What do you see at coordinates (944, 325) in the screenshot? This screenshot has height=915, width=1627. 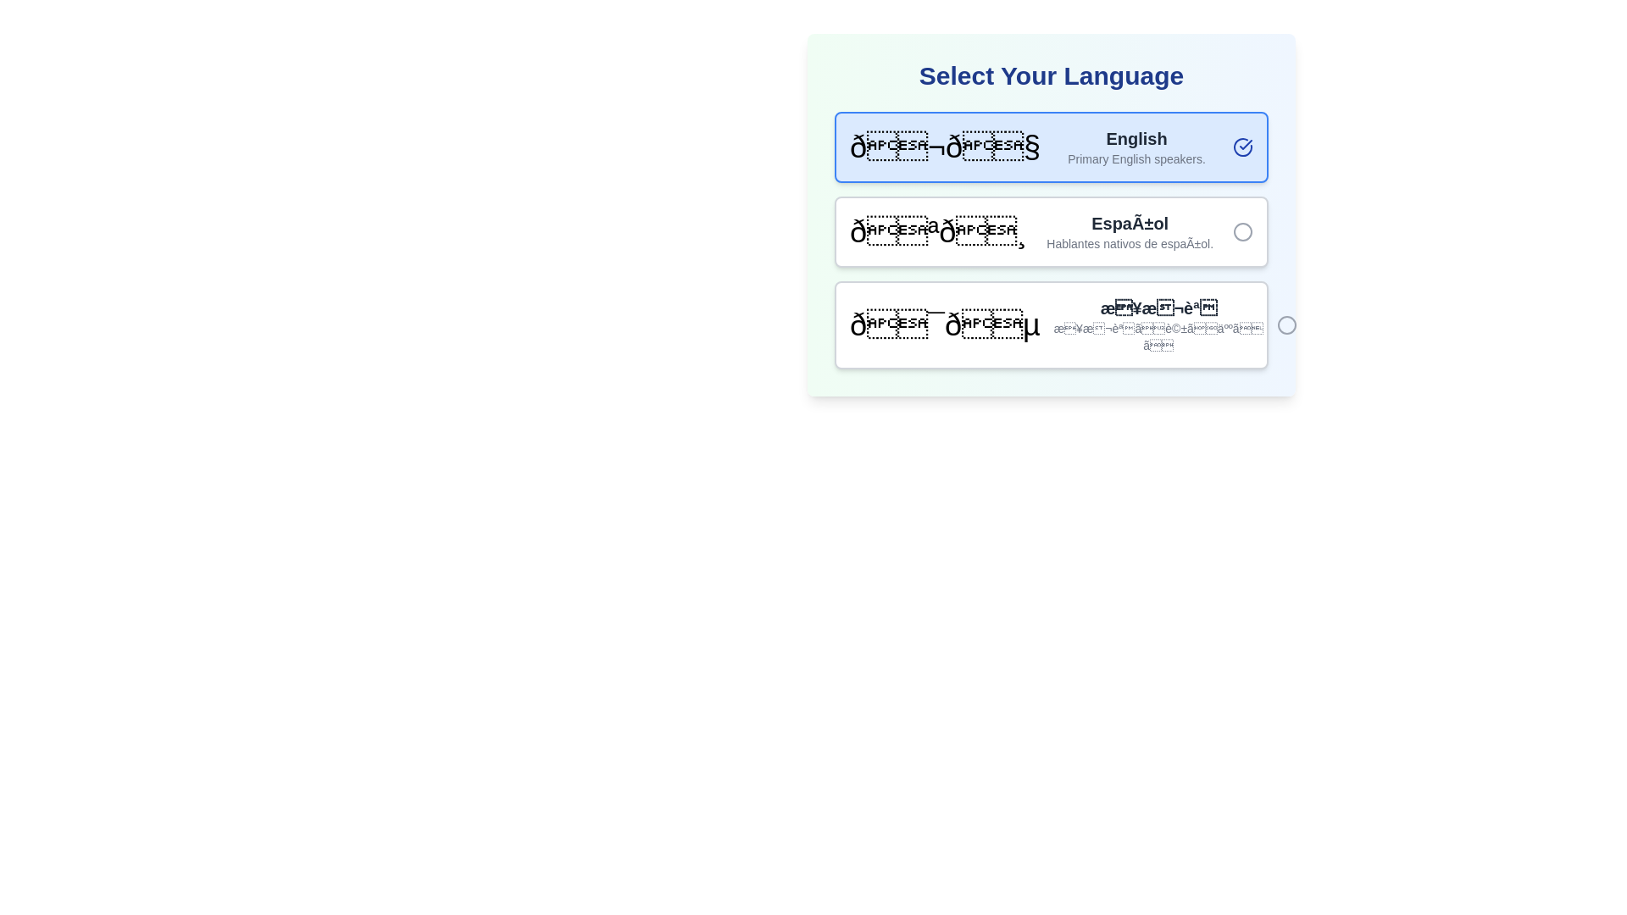 I see `the Japanese language selection option element` at bounding box center [944, 325].